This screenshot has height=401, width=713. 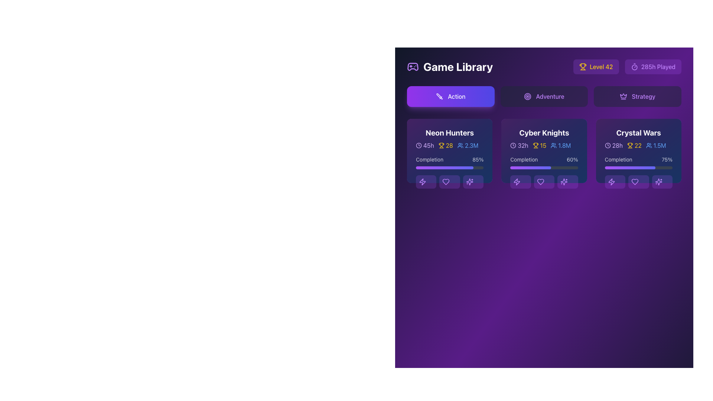 I want to click on the third button in the last row of the grid layout, which is positioned directly under the 'Crystal Wars' card, so click(x=662, y=182).